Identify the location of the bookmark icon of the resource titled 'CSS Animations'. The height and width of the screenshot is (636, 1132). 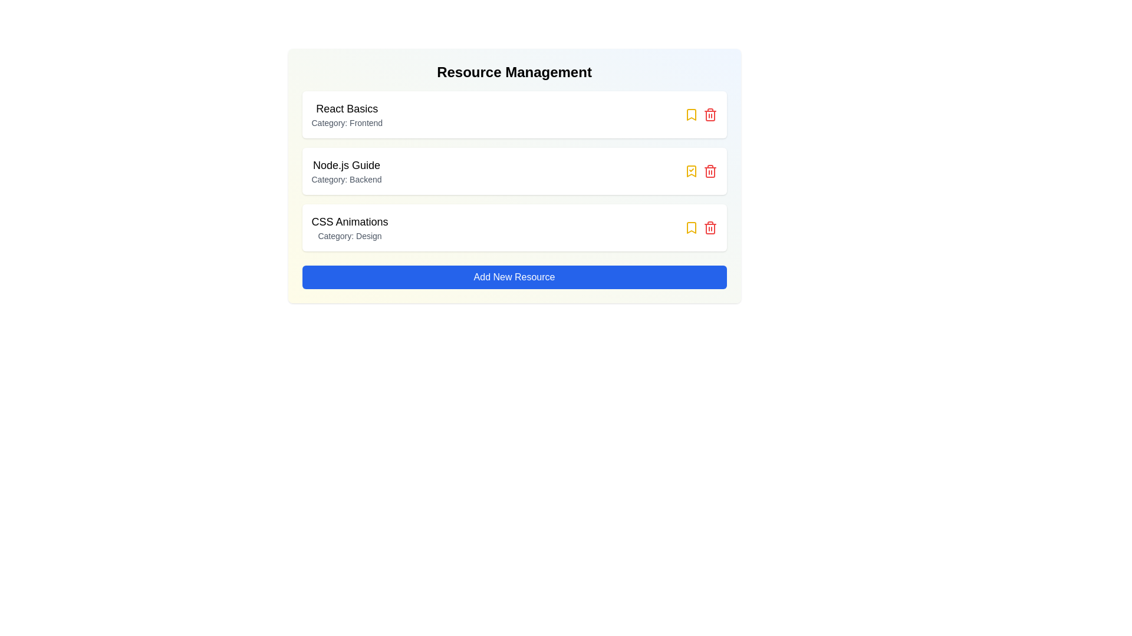
(691, 227).